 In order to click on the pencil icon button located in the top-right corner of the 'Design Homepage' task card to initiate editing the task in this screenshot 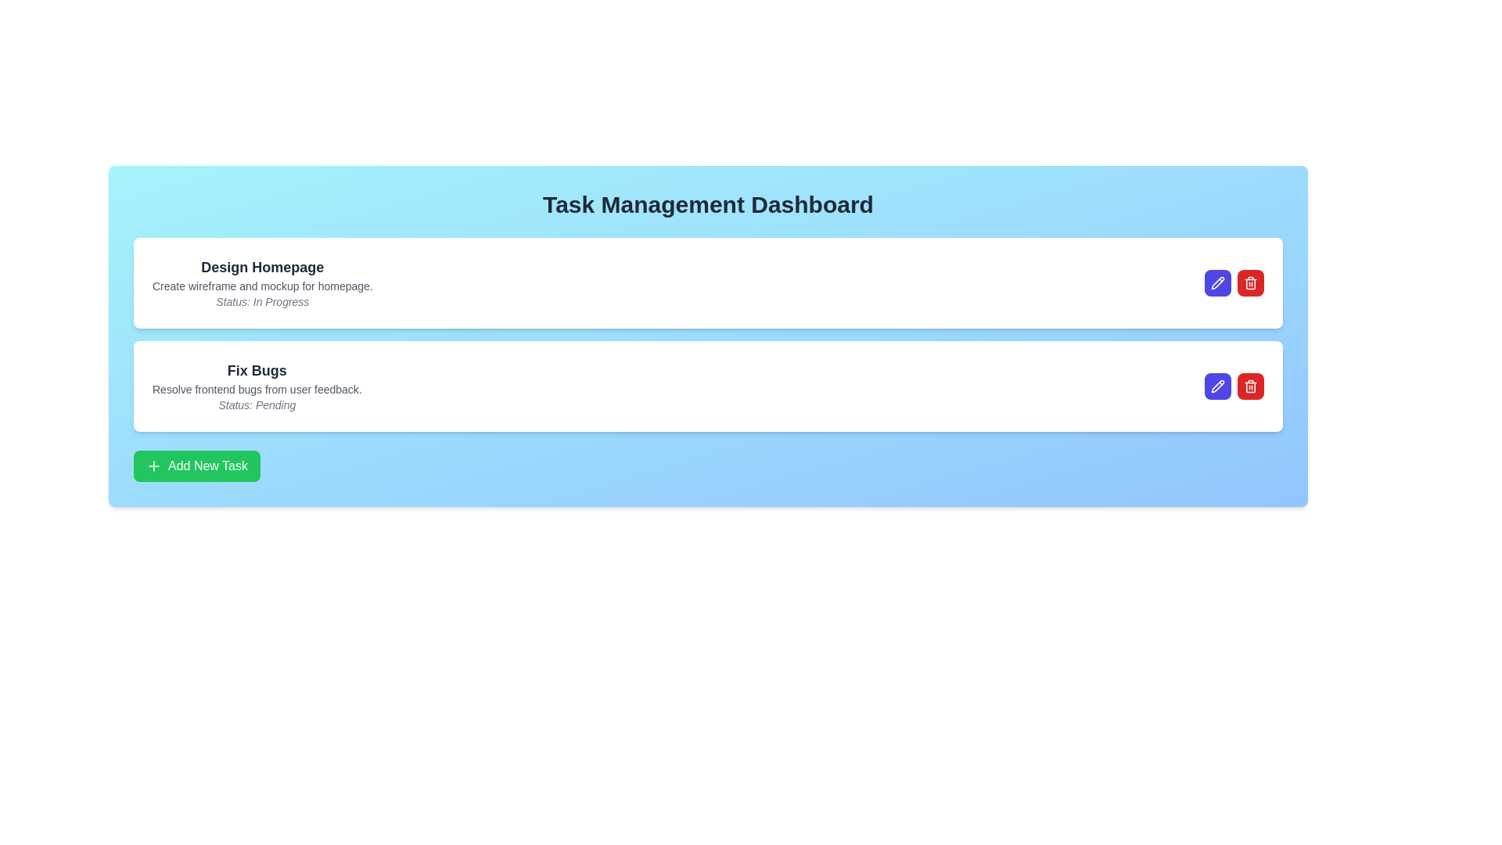, I will do `click(1216, 283)`.